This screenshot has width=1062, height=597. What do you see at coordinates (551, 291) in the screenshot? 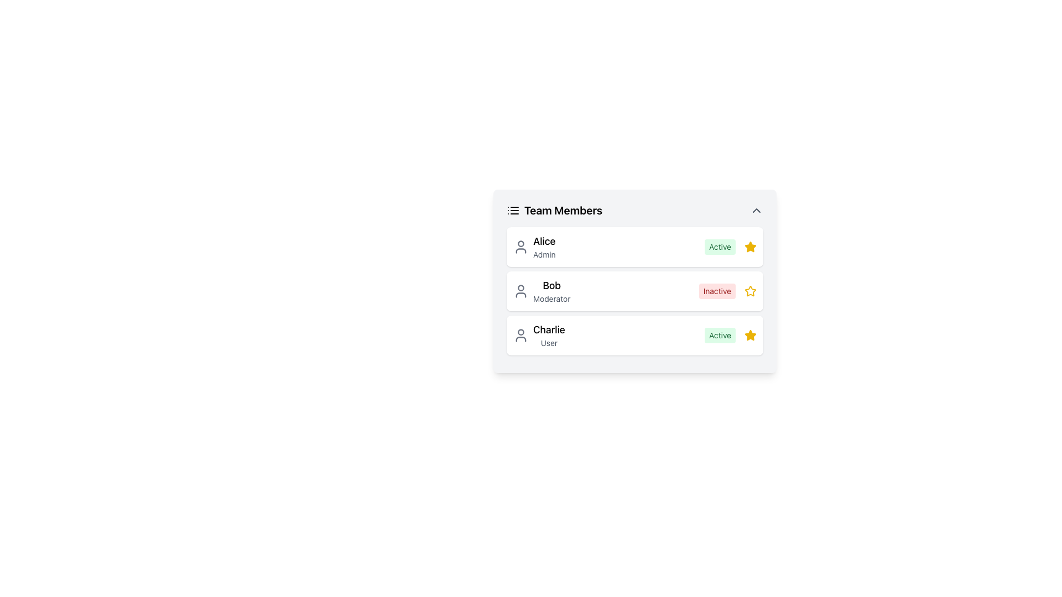
I see `the text element displaying 'Bob' in bold, large, black font, which is identified as a Moderator in a card labeled 'Team Members'` at bounding box center [551, 291].